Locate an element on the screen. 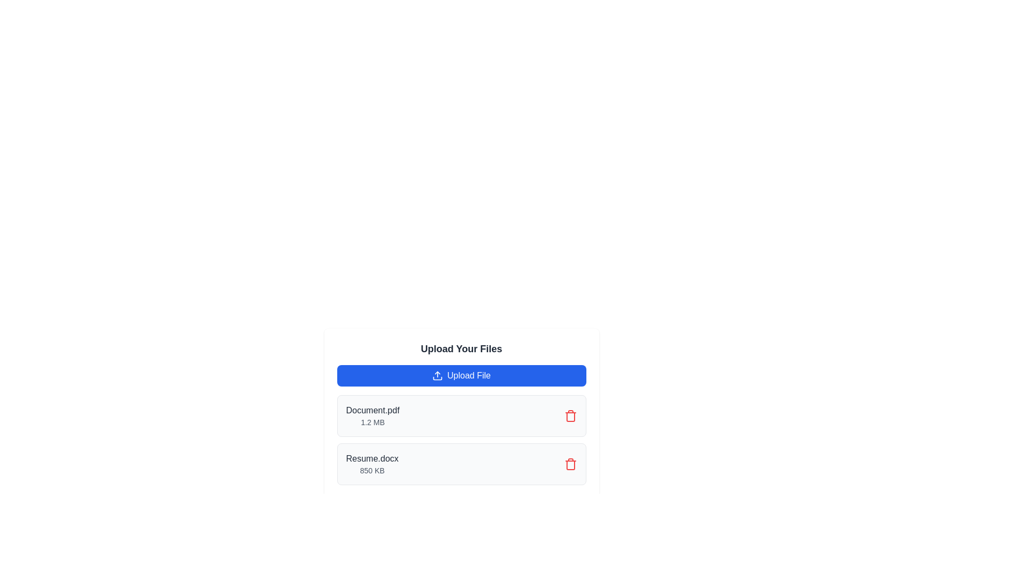 This screenshot has width=1031, height=579. the textual file identifier for 'Resume.docx' within the card layout located under 'Document.pdf' in the file upload component is located at coordinates (372, 464).